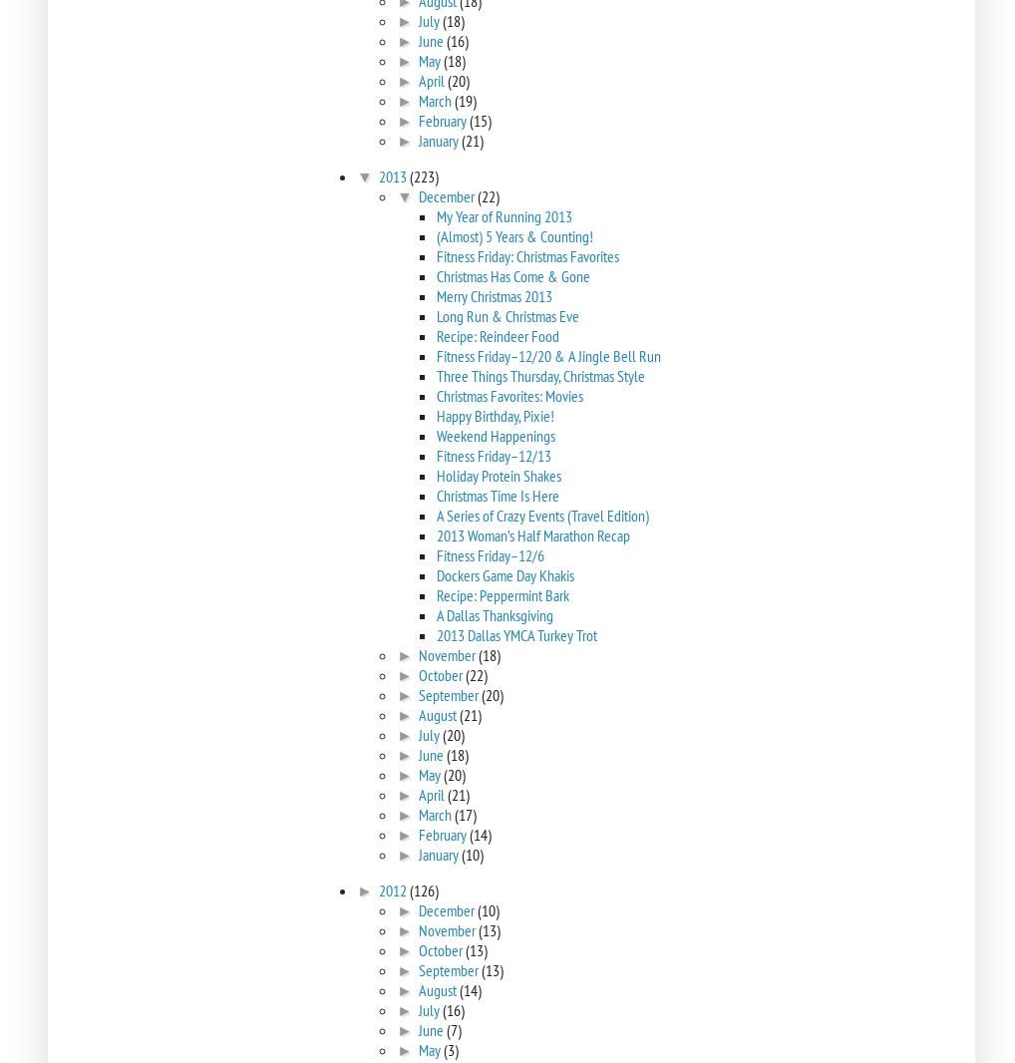  What do you see at coordinates (495, 416) in the screenshot?
I see `'Happy Birthday, Pixie!'` at bounding box center [495, 416].